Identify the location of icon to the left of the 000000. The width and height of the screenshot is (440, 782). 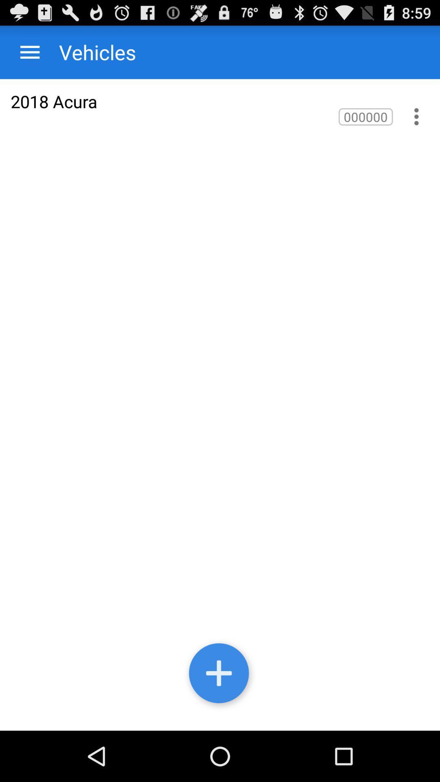
(54, 101).